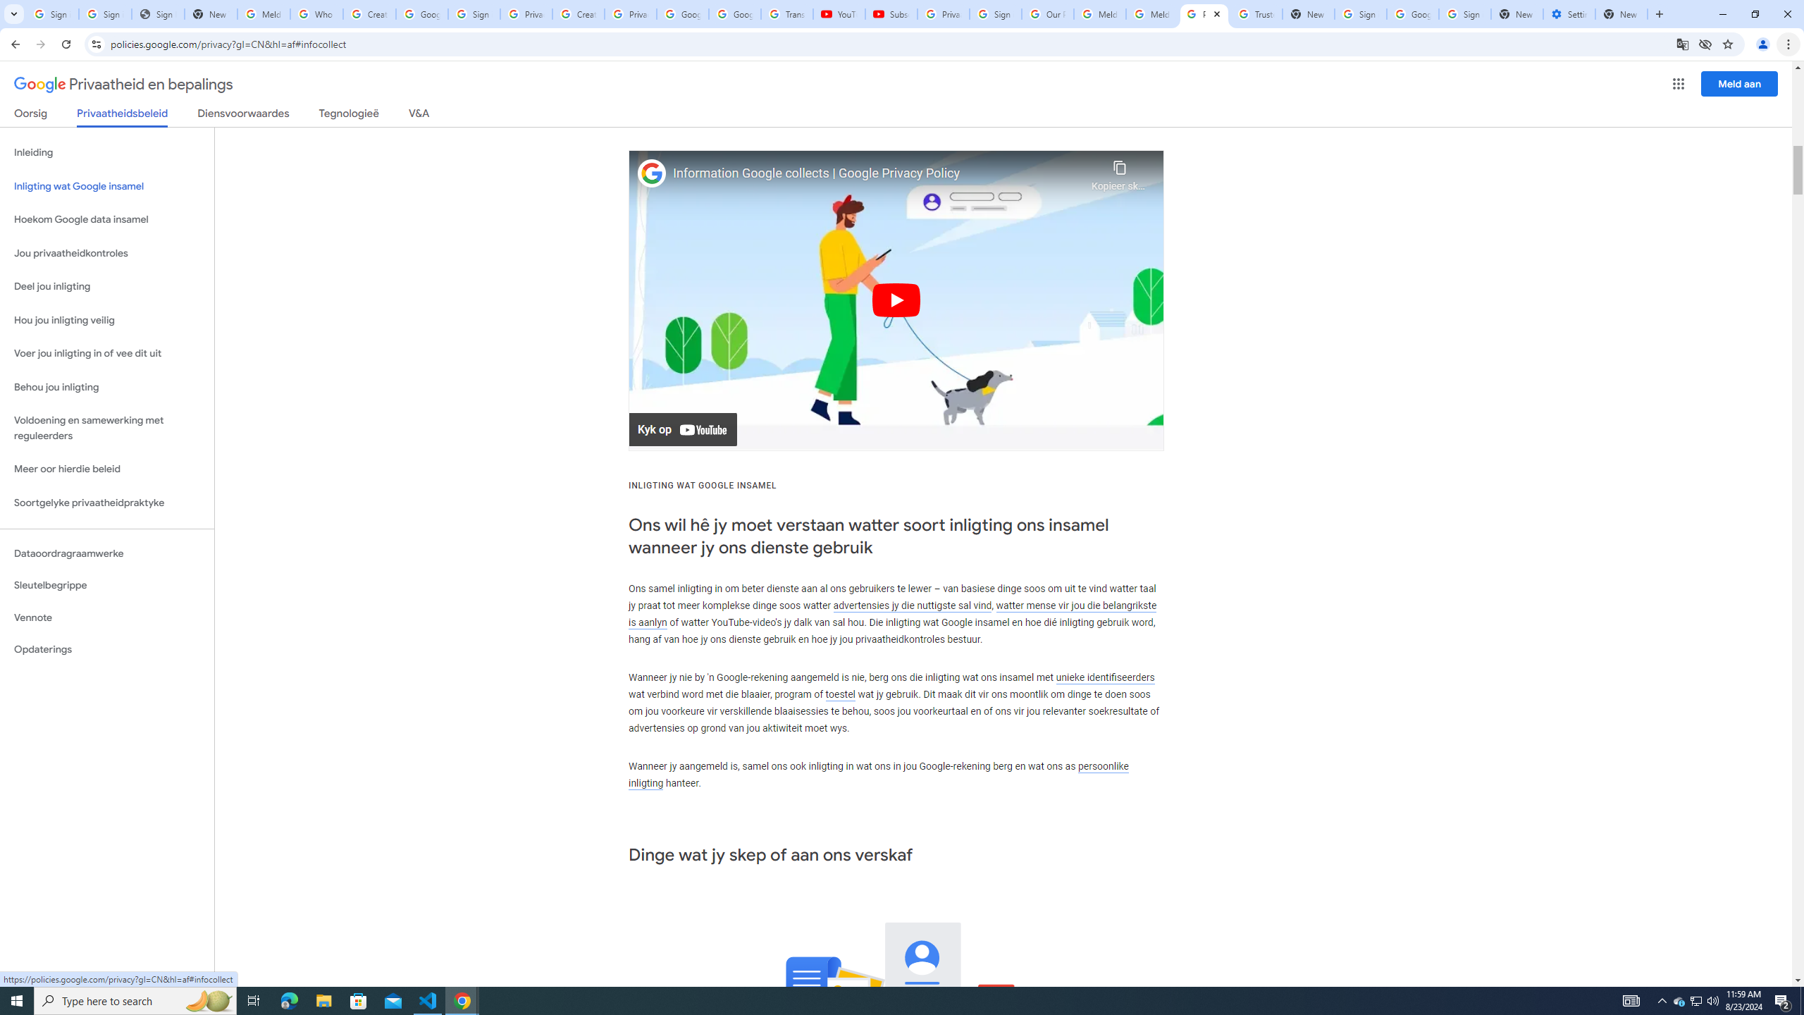 Image resolution: width=1804 pixels, height=1015 pixels. Describe the element at coordinates (106, 502) in the screenshot. I see `'Soortgelyke privaatheidpraktyke'` at that location.